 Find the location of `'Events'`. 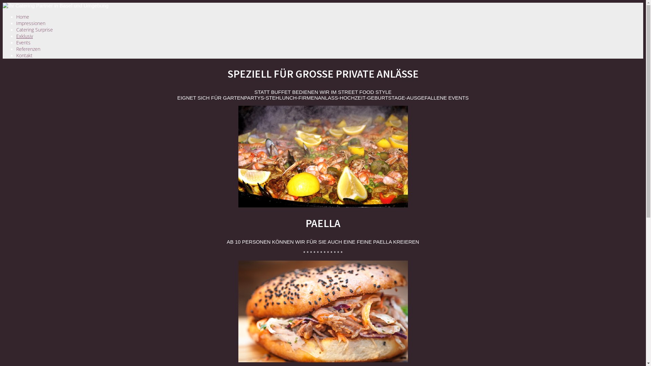

'Events' is located at coordinates (23, 42).